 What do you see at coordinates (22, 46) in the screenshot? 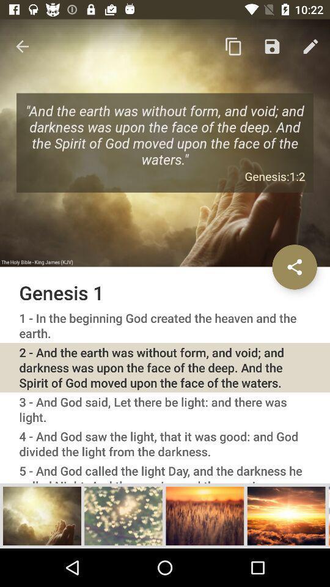
I see `item above the genesis 1 icon` at bounding box center [22, 46].